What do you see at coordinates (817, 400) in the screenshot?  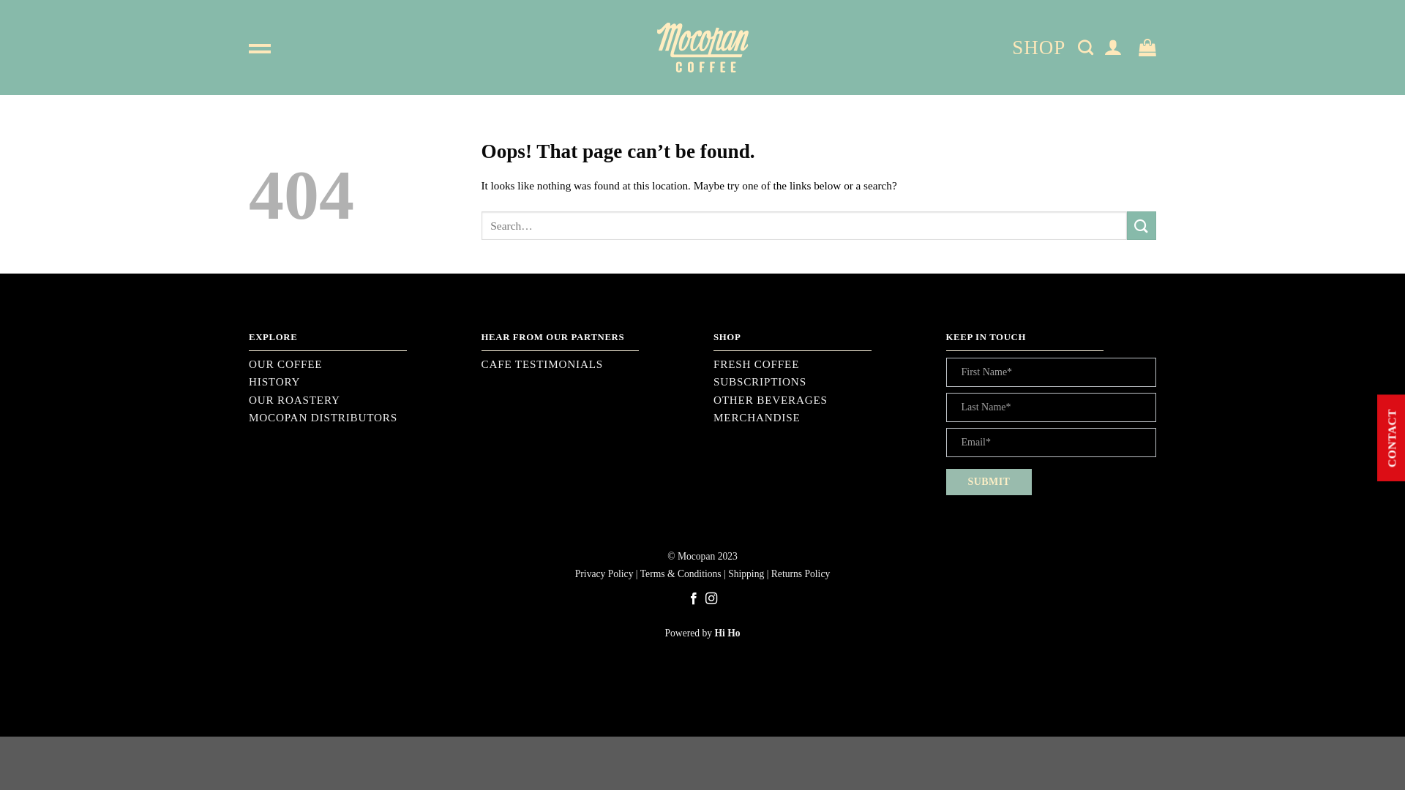 I see `'OTHER BEVERAGES'` at bounding box center [817, 400].